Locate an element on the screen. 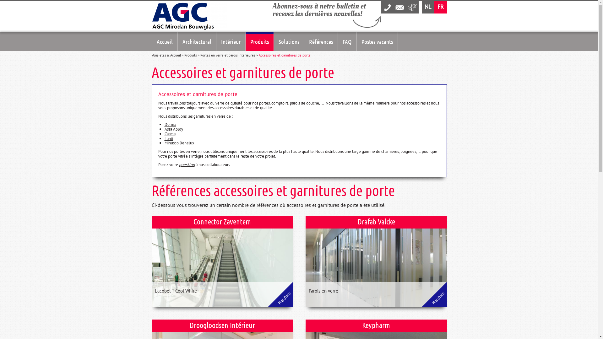 The height and width of the screenshot is (339, 603). 'Assa Abloy' is located at coordinates (164, 129).